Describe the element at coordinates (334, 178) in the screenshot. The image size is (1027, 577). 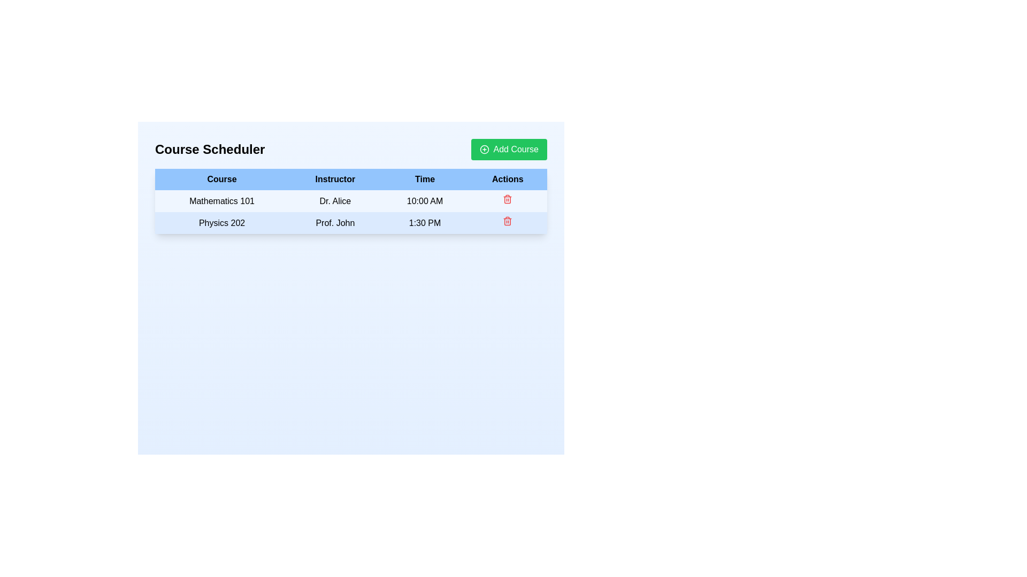
I see `the text label that displays 'Instructor', which is styled in bold and centered within a blue rectangular cell, located between 'Course' and 'Time' in the header row of a table` at that location.